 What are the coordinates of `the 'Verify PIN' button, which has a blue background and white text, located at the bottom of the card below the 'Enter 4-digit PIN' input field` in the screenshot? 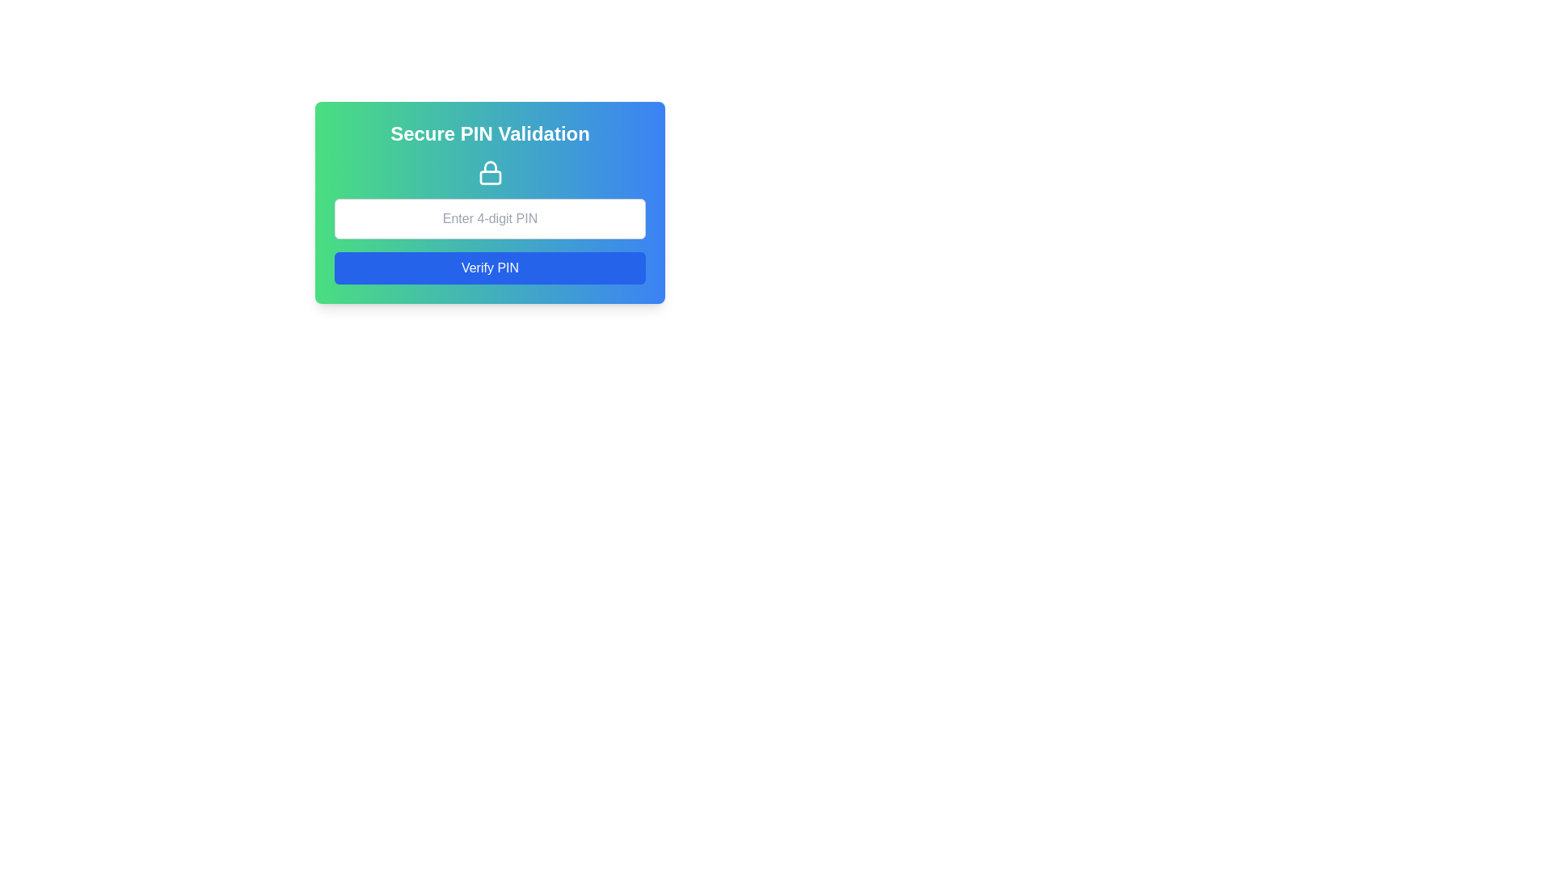 It's located at (489, 267).